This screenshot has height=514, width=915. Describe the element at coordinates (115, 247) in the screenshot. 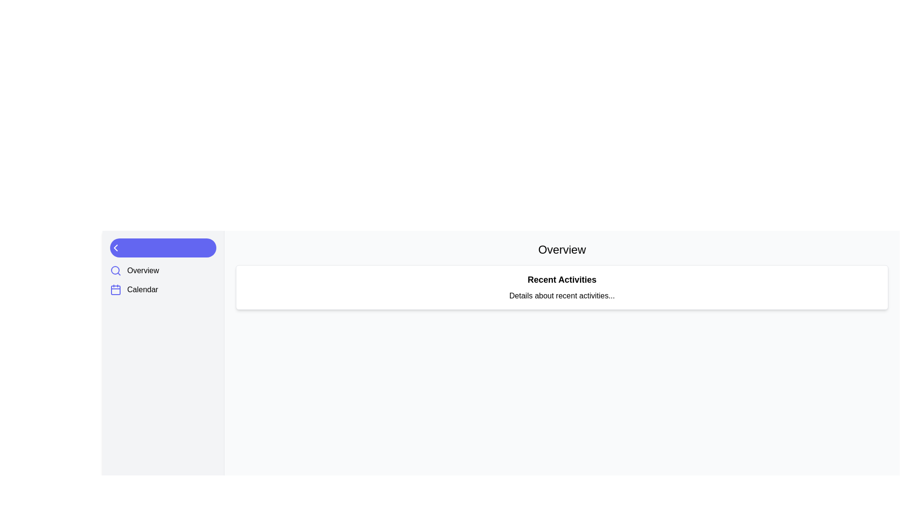

I see `the Chevron-left navigation icon, which is styled as a left arrow and located in the top left section of the sidebar within a purple circular background` at that location.